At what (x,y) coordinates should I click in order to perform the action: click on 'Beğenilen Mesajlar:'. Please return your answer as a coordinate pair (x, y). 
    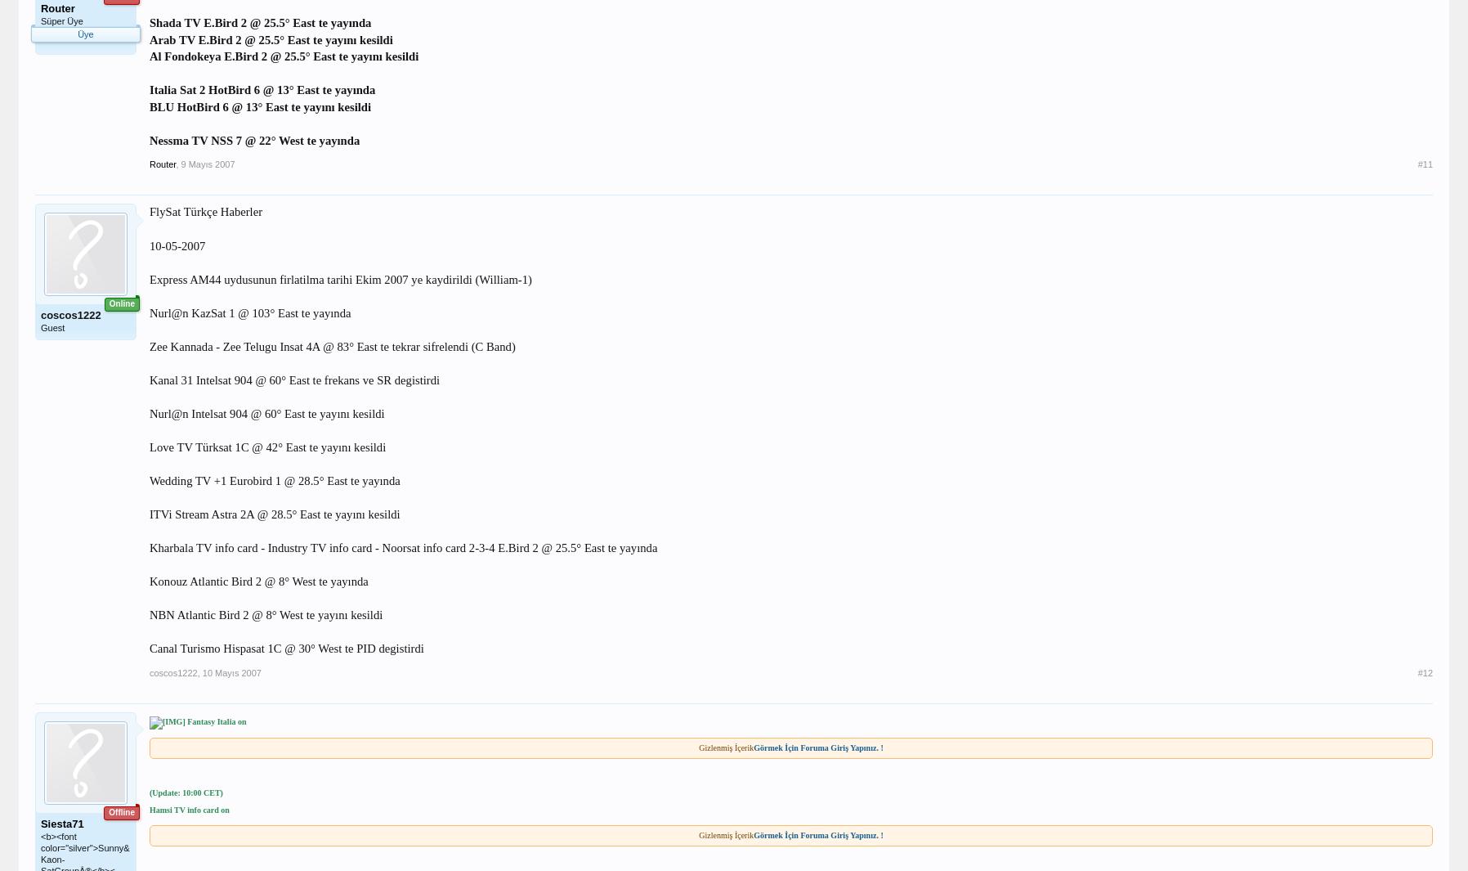
    Looking at the image, I should click on (75, 84).